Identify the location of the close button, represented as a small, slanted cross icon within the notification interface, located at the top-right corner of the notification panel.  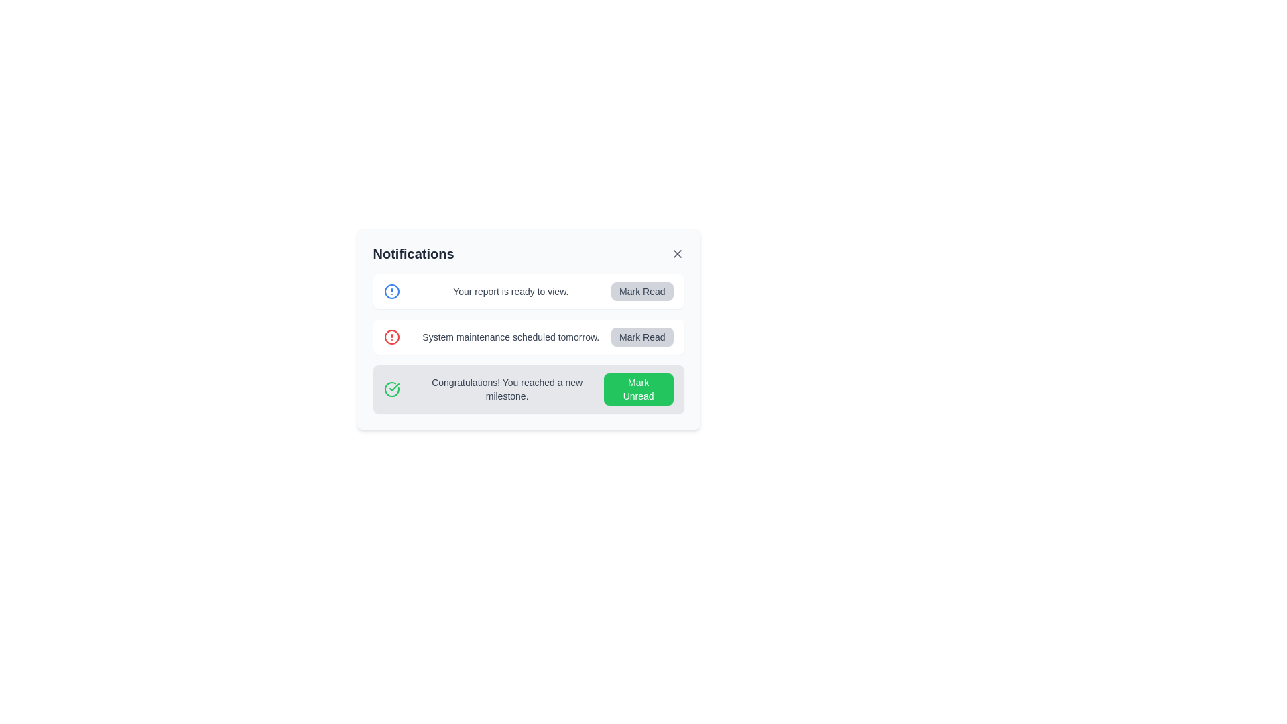
(677, 253).